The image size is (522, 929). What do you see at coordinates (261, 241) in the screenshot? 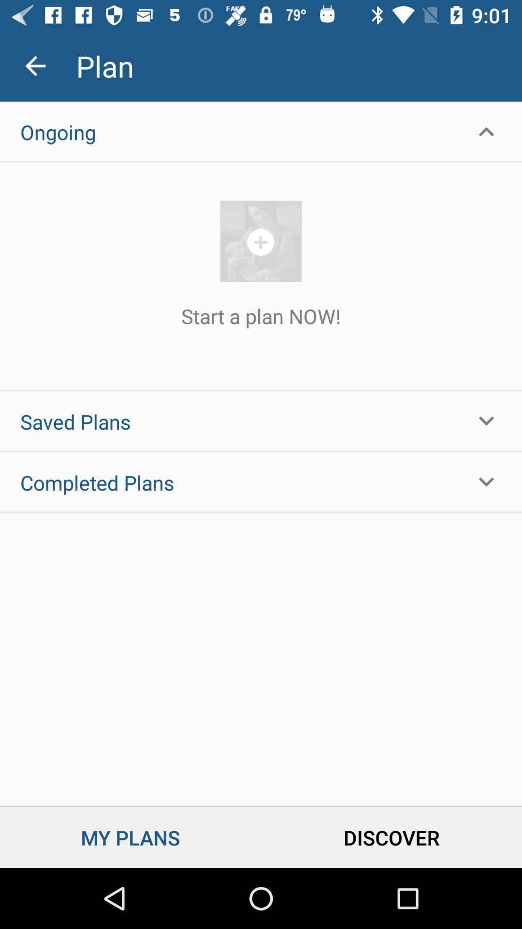
I see `start new plan button` at bounding box center [261, 241].